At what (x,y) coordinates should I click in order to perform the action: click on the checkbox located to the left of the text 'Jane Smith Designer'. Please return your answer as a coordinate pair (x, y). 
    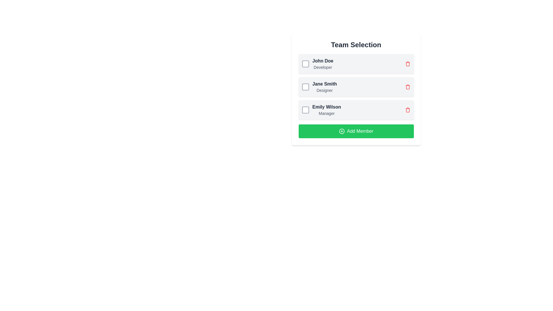
    Looking at the image, I should click on (305, 87).